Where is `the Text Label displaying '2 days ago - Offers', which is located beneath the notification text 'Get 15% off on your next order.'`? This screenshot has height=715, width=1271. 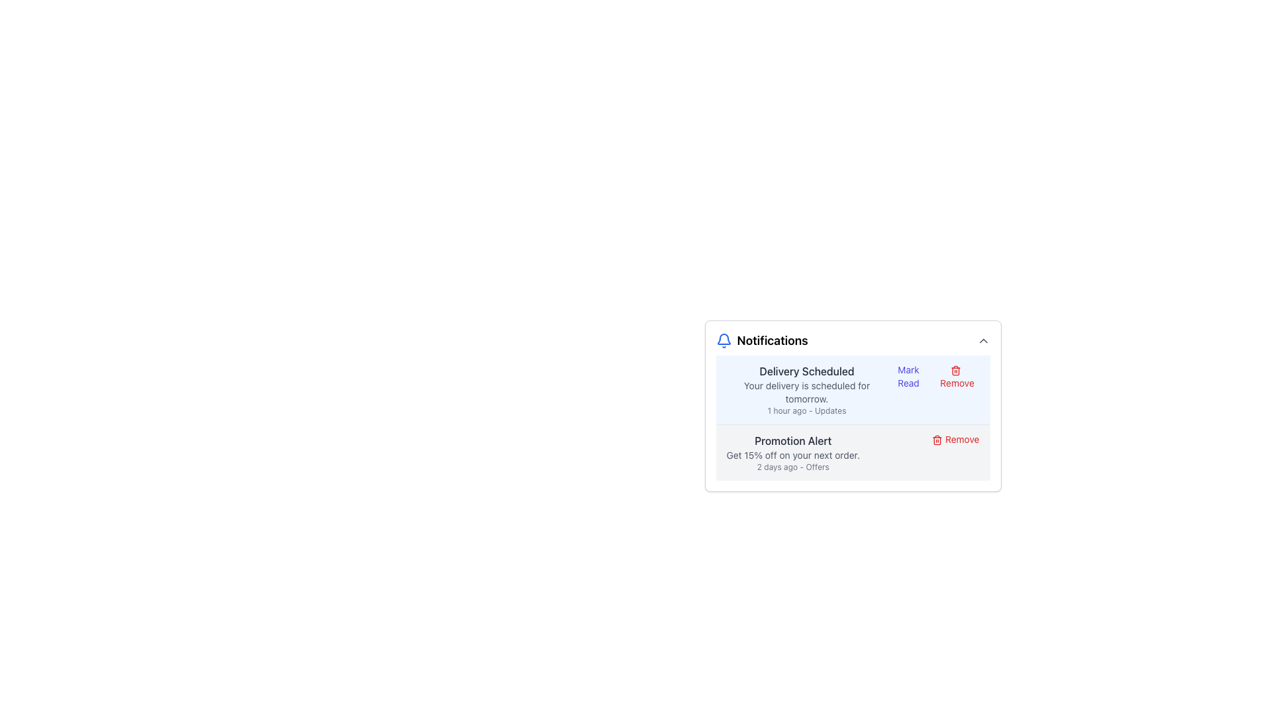
the Text Label displaying '2 days ago - Offers', which is located beneath the notification text 'Get 15% off on your next order.' is located at coordinates (793, 466).